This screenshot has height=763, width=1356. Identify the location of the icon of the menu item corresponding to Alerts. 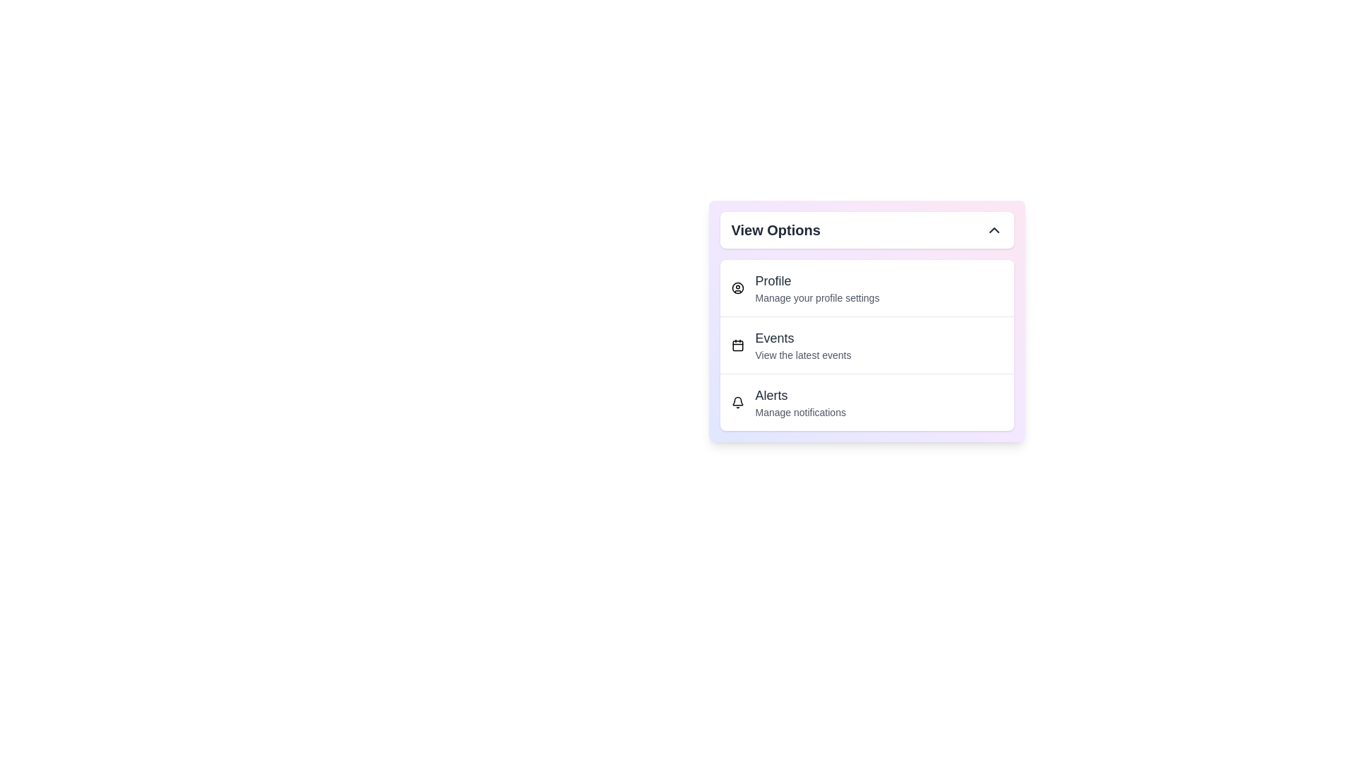
(737, 403).